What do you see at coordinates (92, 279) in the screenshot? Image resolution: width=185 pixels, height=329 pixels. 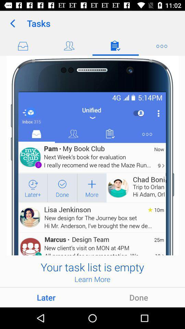 I see `the learn more app` at bounding box center [92, 279].